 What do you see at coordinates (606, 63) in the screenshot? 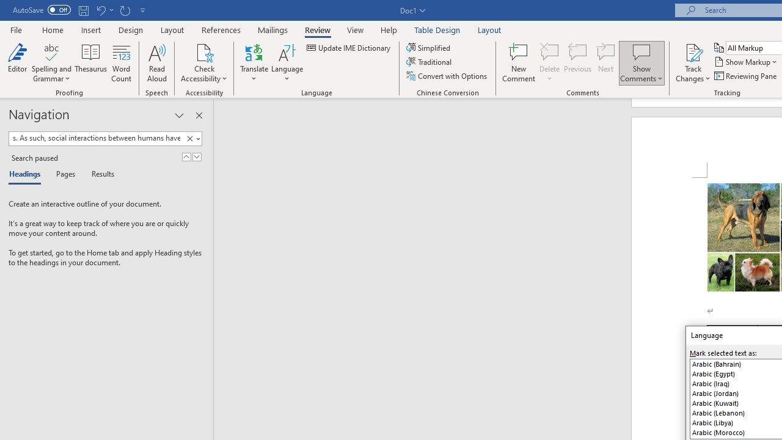
I see `'Next'` at bounding box center [606, 63].